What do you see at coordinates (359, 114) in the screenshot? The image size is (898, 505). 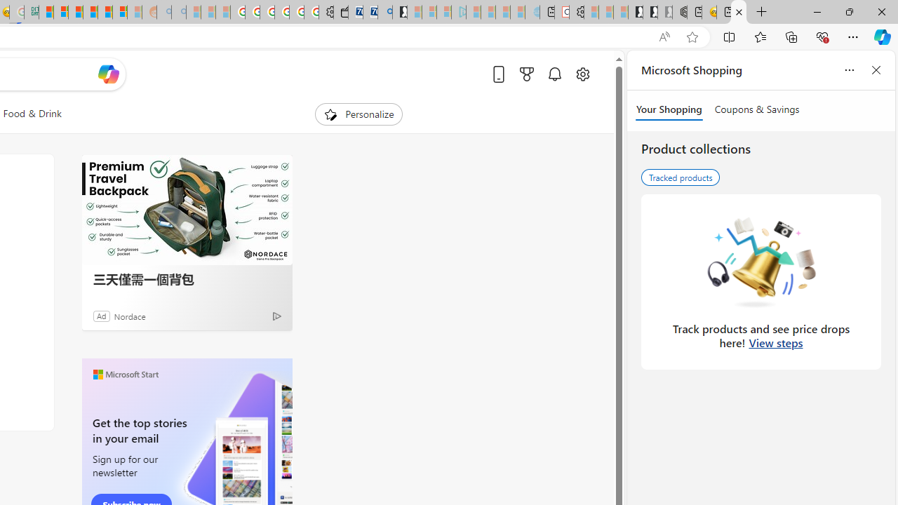 I see `'Personalize'` at bounding box center [359, 114].